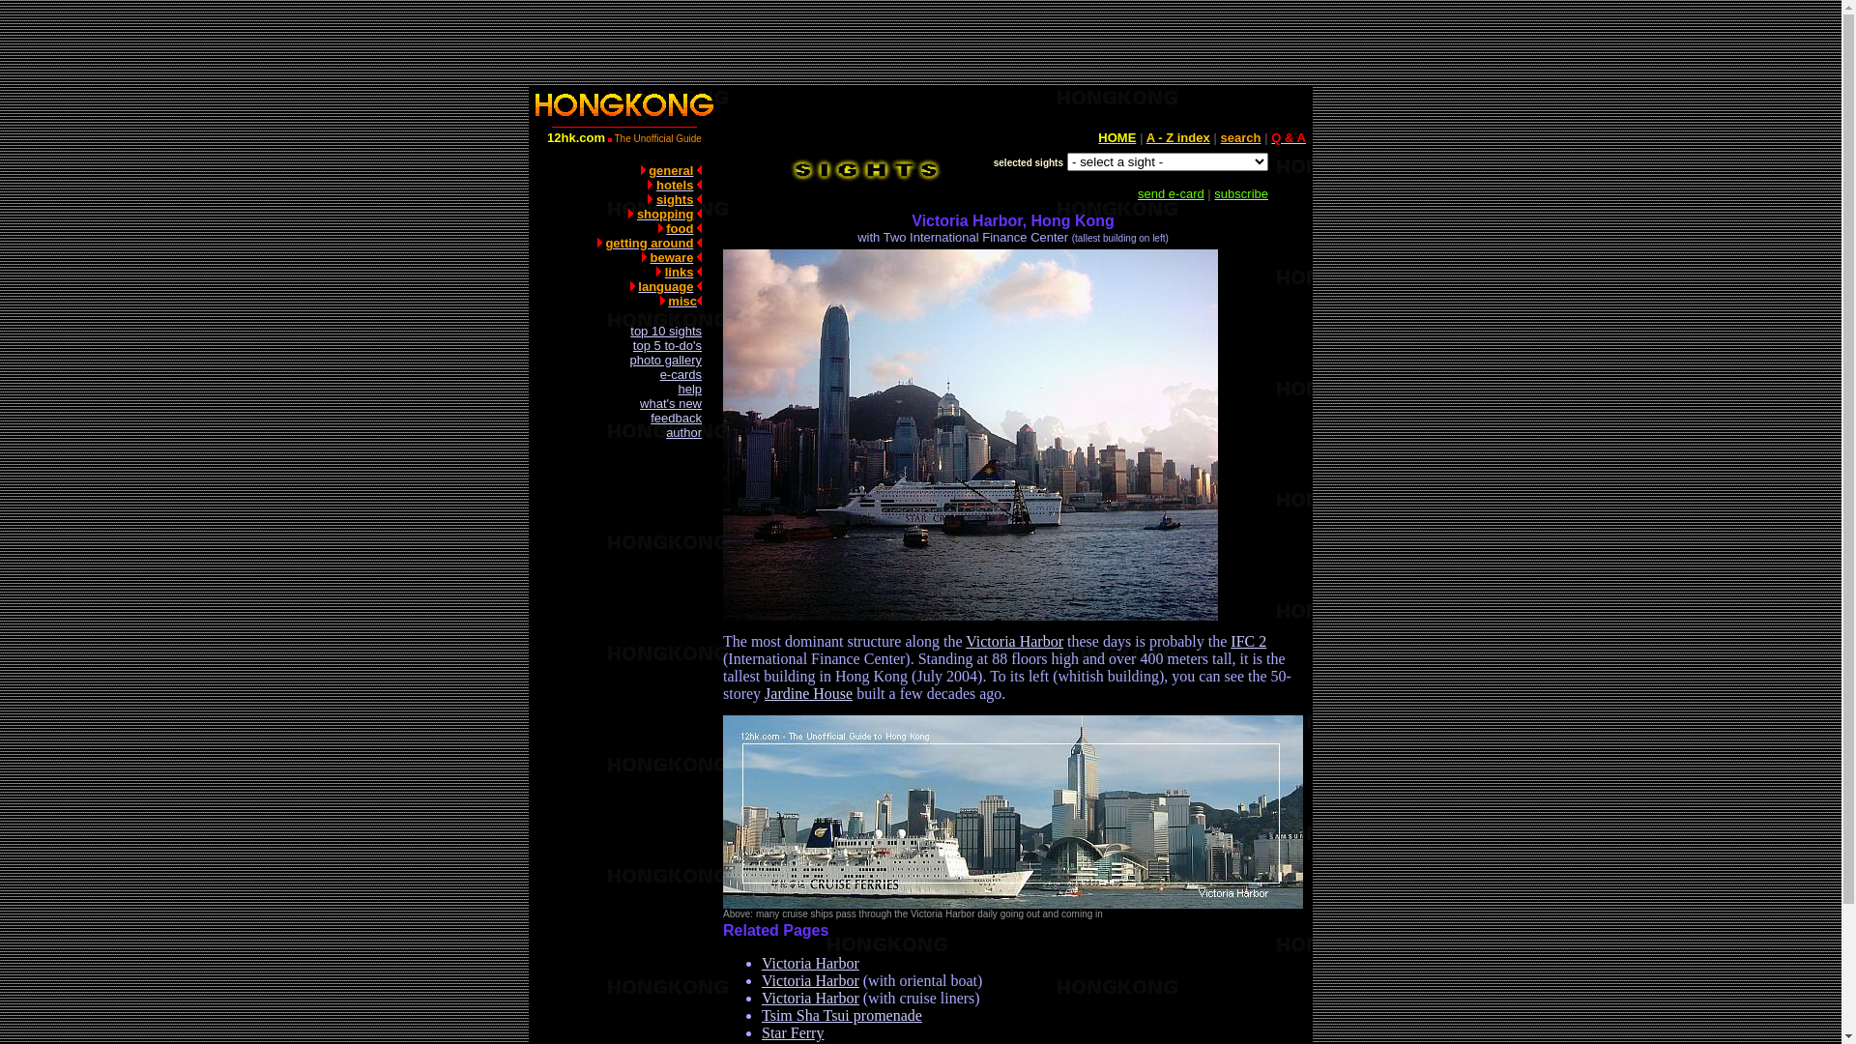  I want to click on 'language', so click(665, 286).